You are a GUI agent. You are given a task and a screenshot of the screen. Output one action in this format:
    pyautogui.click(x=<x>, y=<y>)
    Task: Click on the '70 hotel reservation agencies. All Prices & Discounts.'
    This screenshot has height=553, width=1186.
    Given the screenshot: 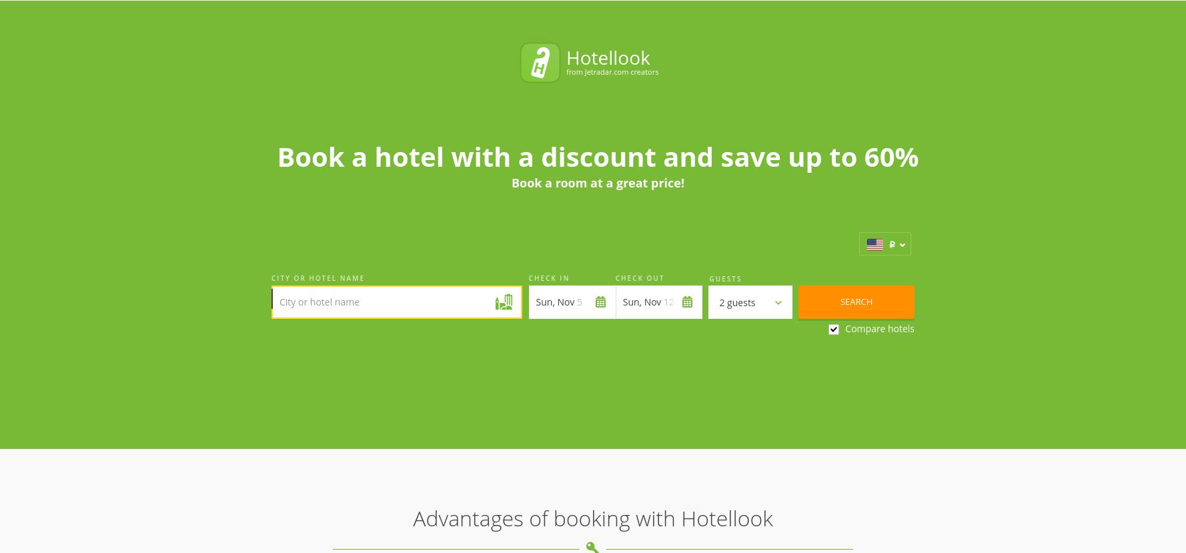 What is the action you would take?
    pyautogui.click(x=342, y=419)
    